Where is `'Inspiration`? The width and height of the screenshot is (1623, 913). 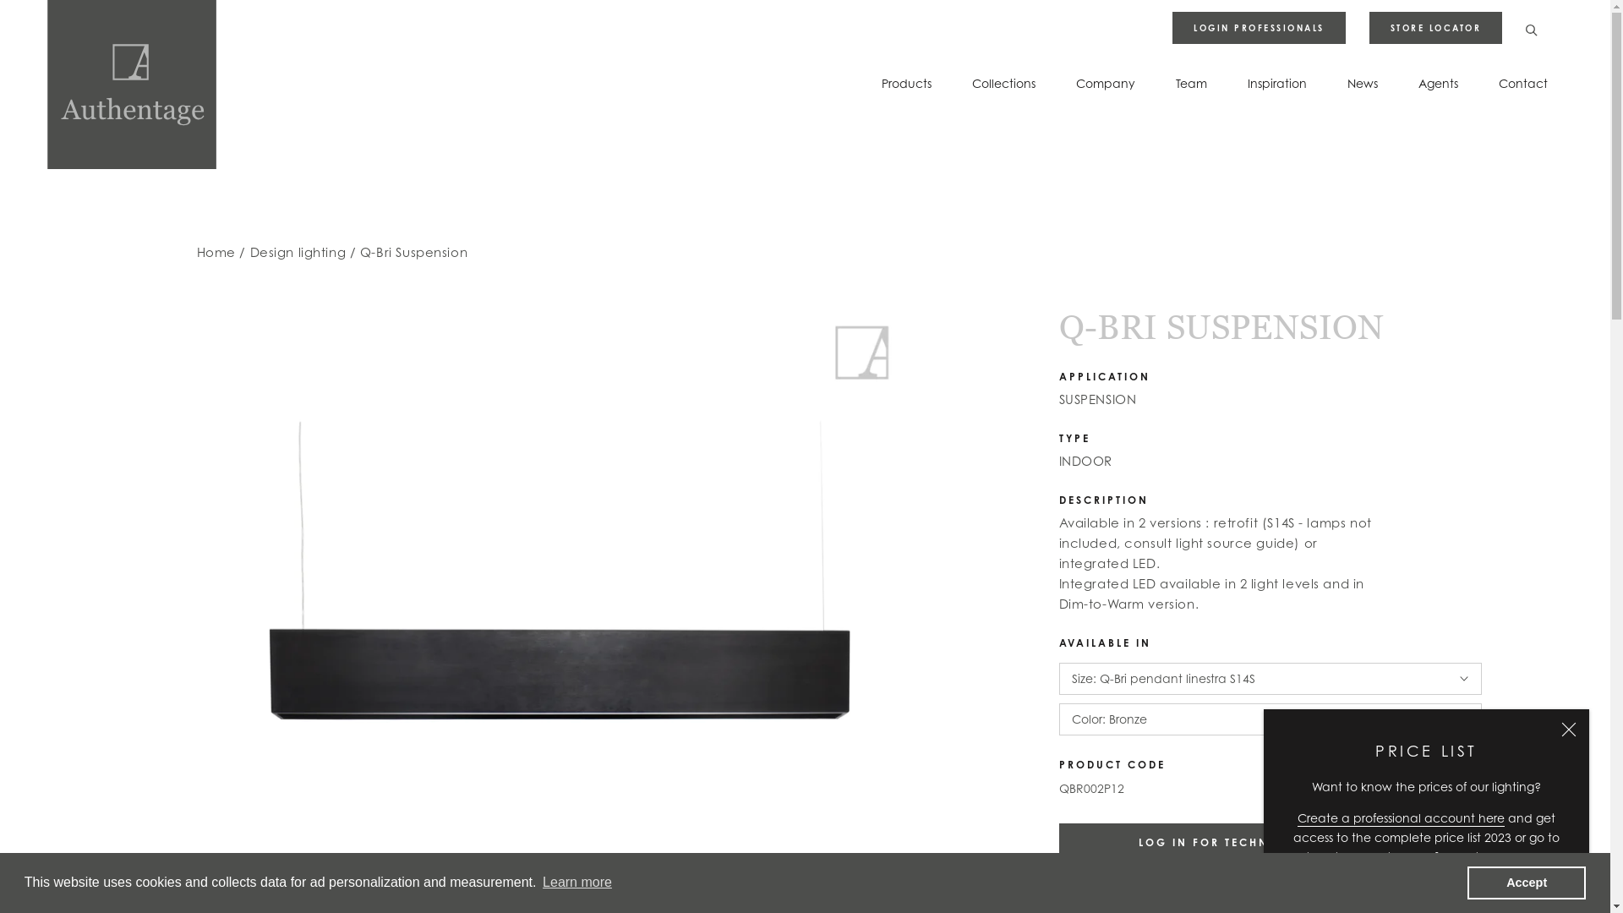 'Inspiration is located at coordinates (1277, 83).